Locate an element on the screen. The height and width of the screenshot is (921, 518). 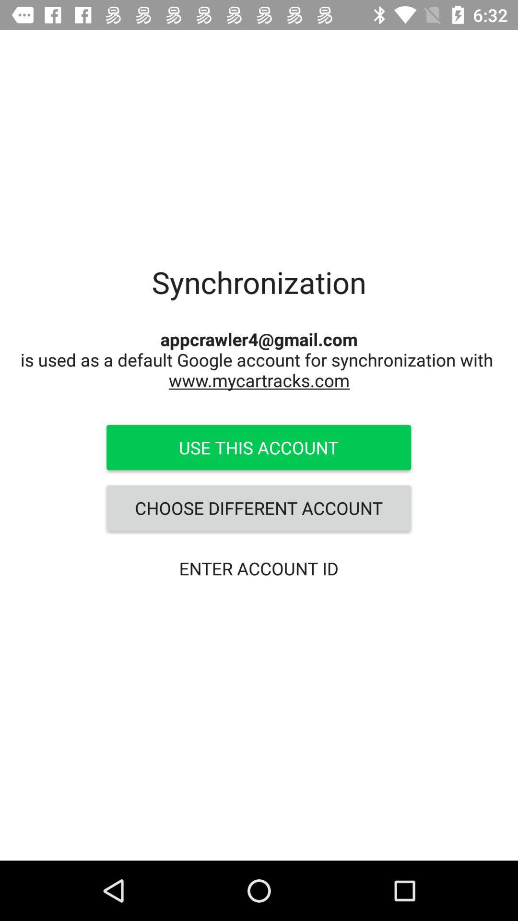
icon above the choose different account is located at coordinates (258, 447).